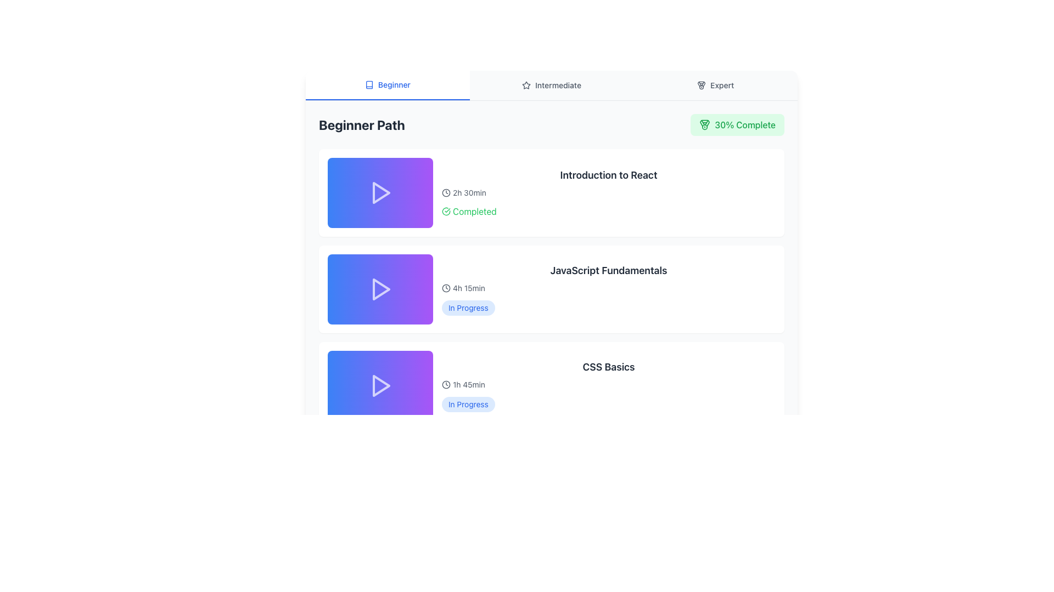  I want to click on the 'In Progress' status indicator badge, which is a pill-shaped badge with a light blue background and blue text, located in the 'CSS Basics' section of the course listing, so click(468, 404).